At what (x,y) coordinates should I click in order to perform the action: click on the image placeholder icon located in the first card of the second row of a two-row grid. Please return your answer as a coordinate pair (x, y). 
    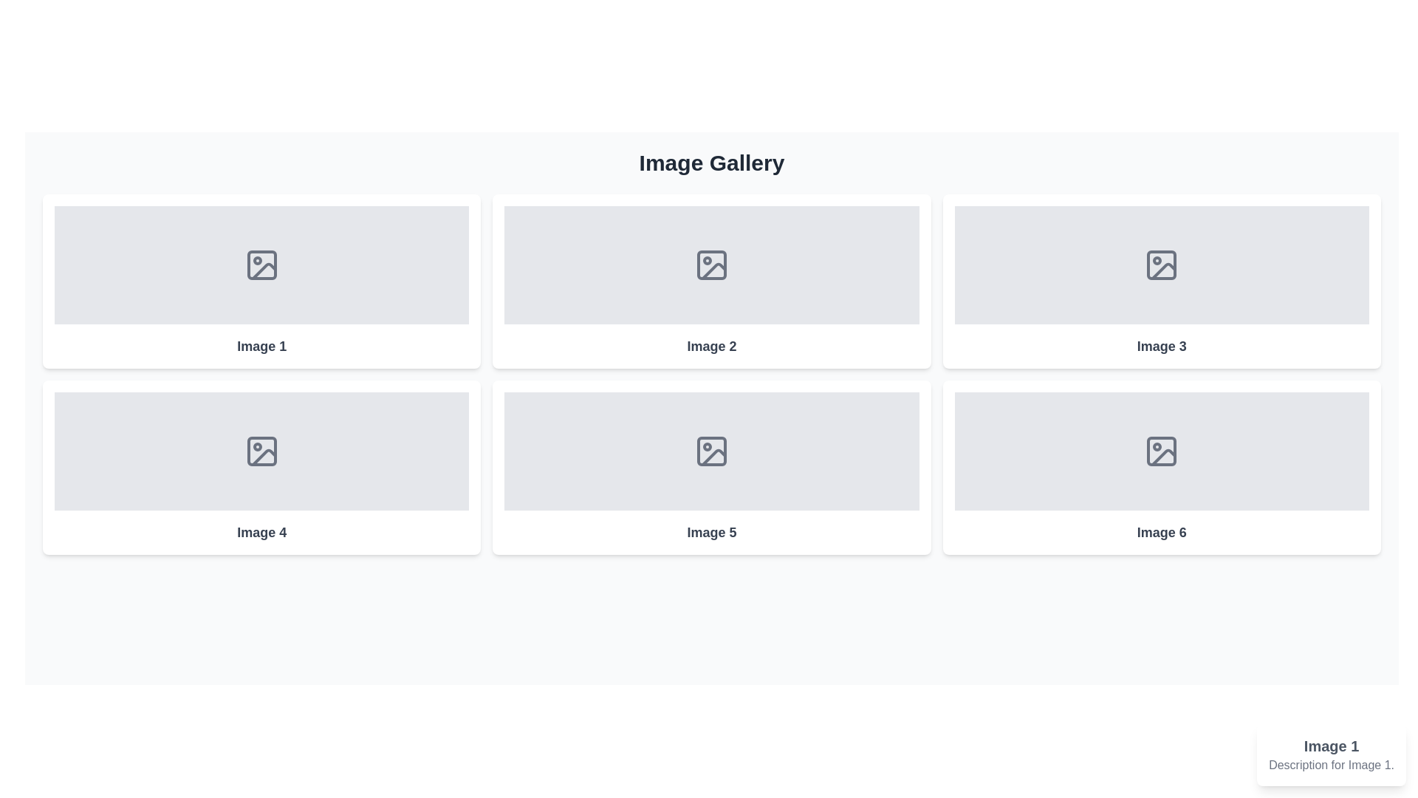
    Looking at the image, I should click on (261, 450).